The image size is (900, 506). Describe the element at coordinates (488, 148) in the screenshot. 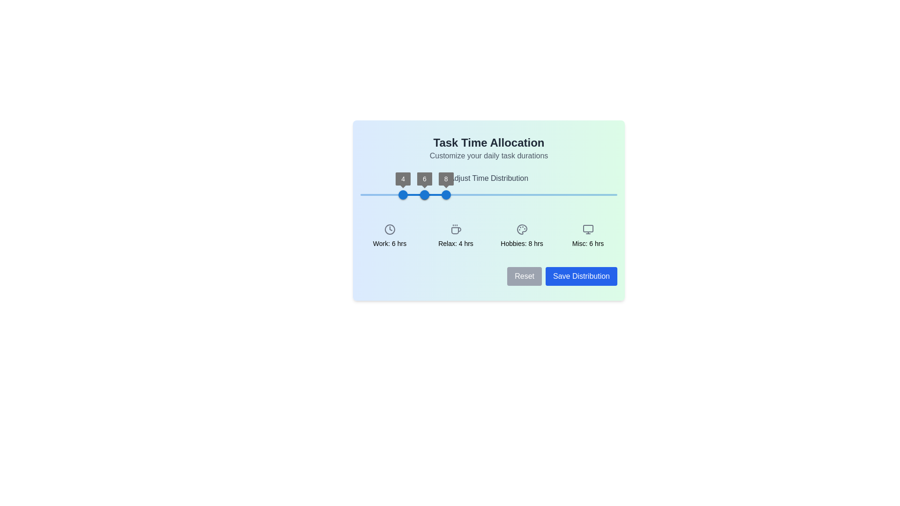

I see `the header of the text element located at the top section of the content card with a blue-to-green gradient background, which provides a brief description of the context and purpose of the functionality presented in the card` at that location.